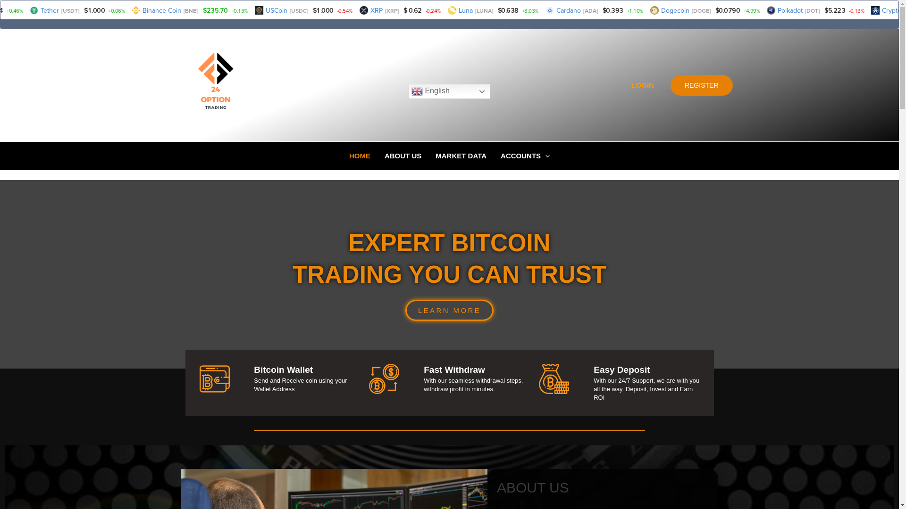  Describe the element at coordinates (642, 85) in the screenshot. I see `'LOGIN'` at that location.